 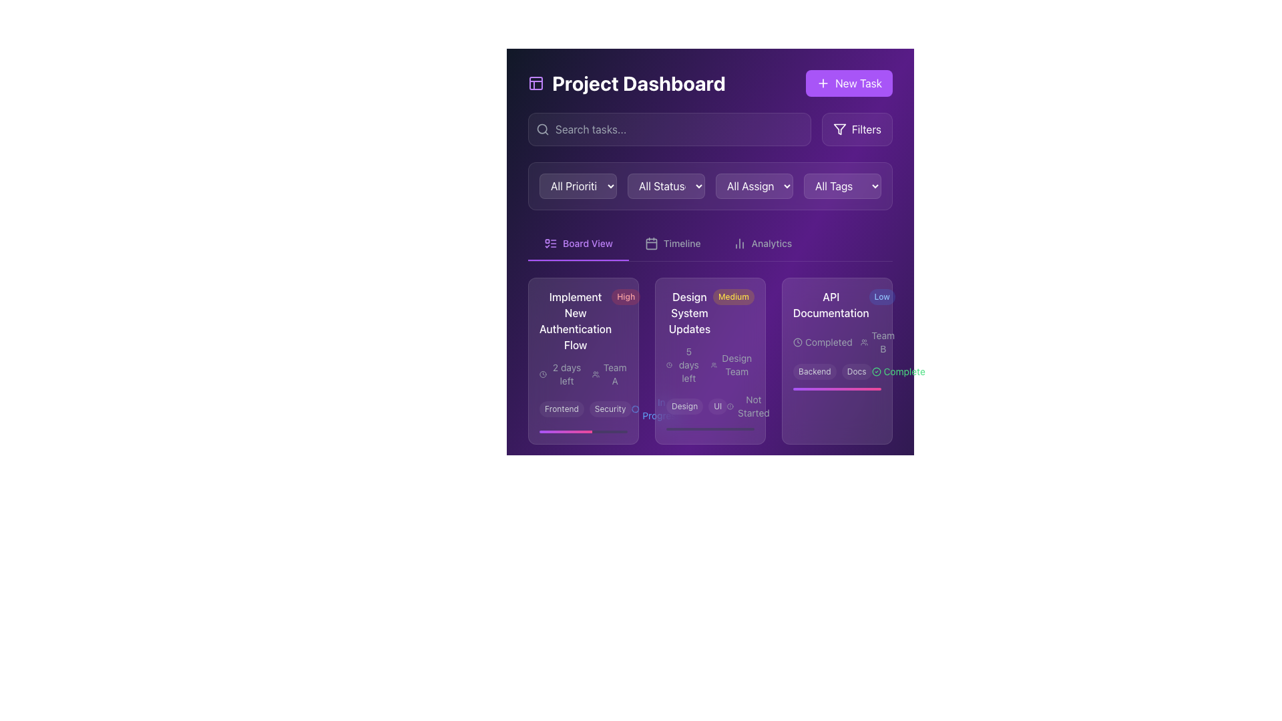 What do you see at coordinates (836, 342) in the screenshot?
I see `the label element that displays 'Completed' followed by a user group icon and the text 'Team B', located in the second row of the 'API Documentation' card` at bounding box center [836, 342].